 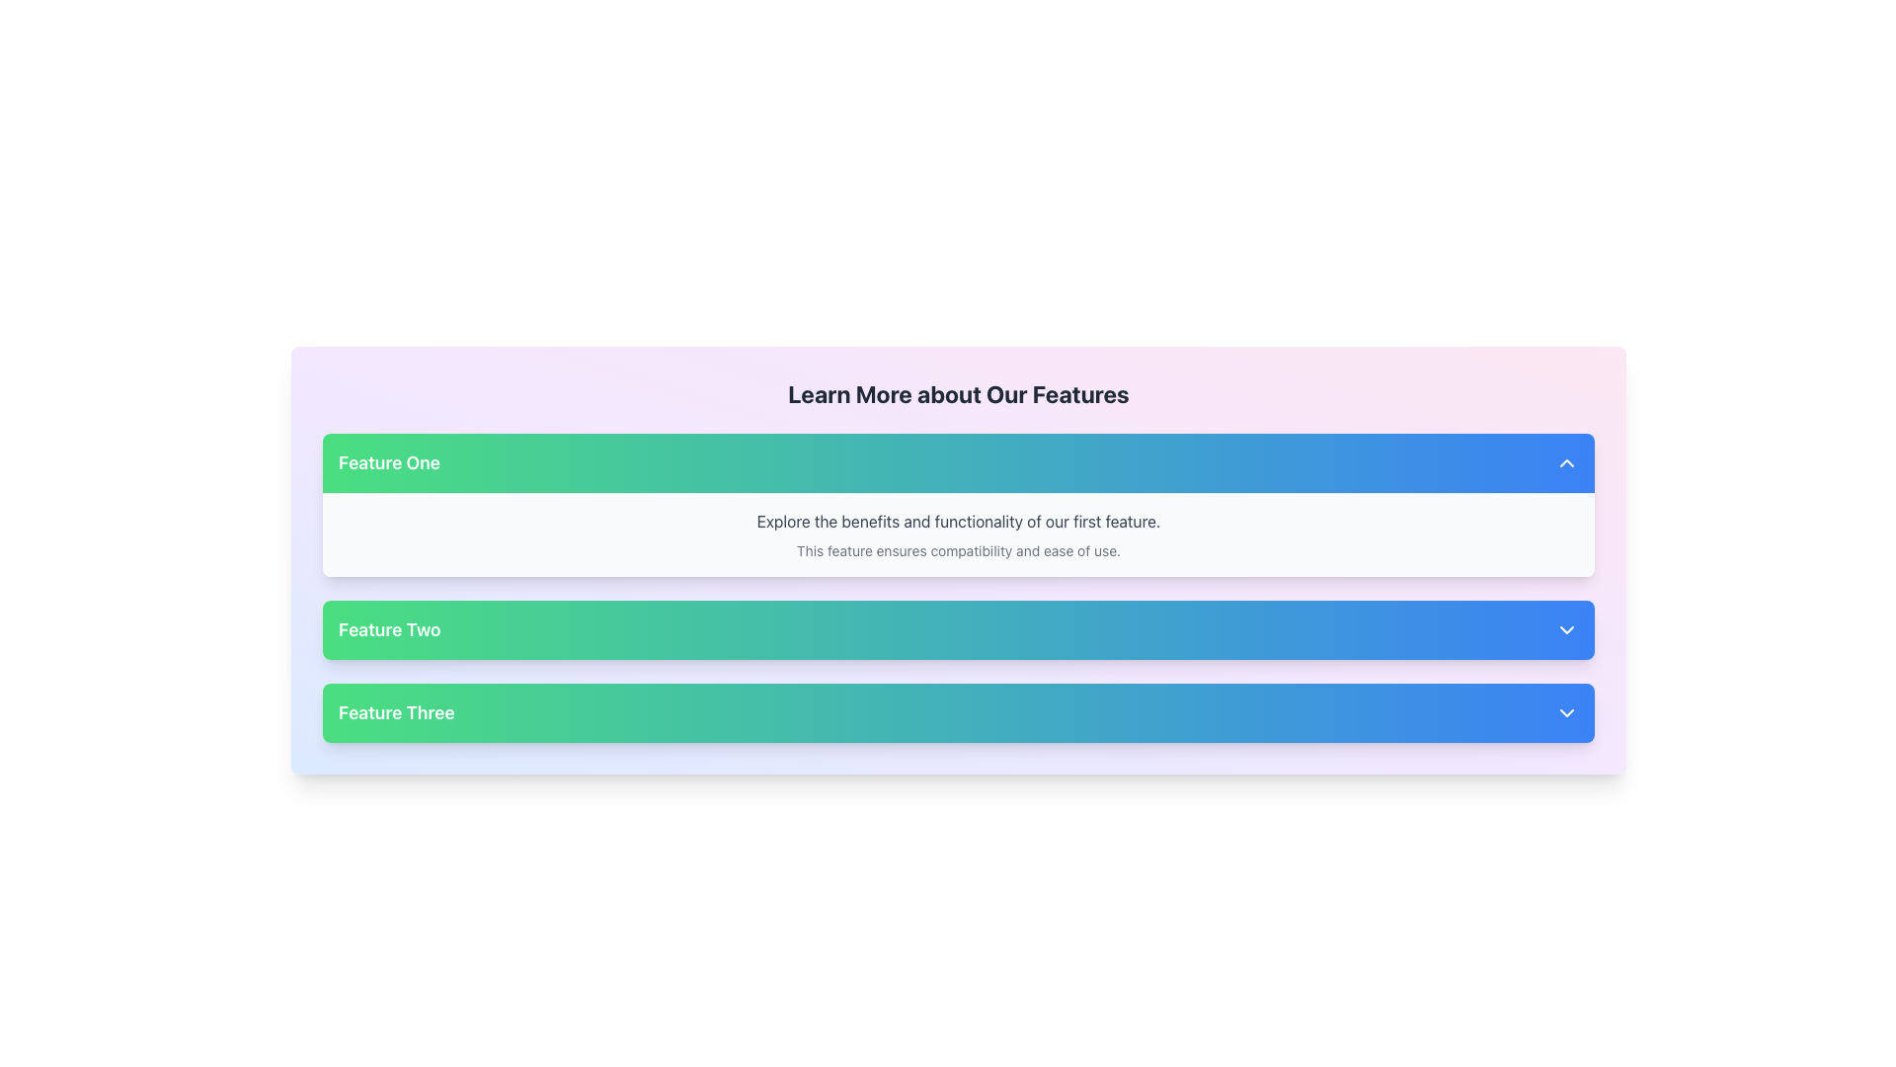 What do you see at coordinates (1566, 463) in the screenshot?
I see `the toggle icon for expanding or collapsing the 'Feature One' section, which is located at the far right side of the section header` at bounding box center [1566, 463].